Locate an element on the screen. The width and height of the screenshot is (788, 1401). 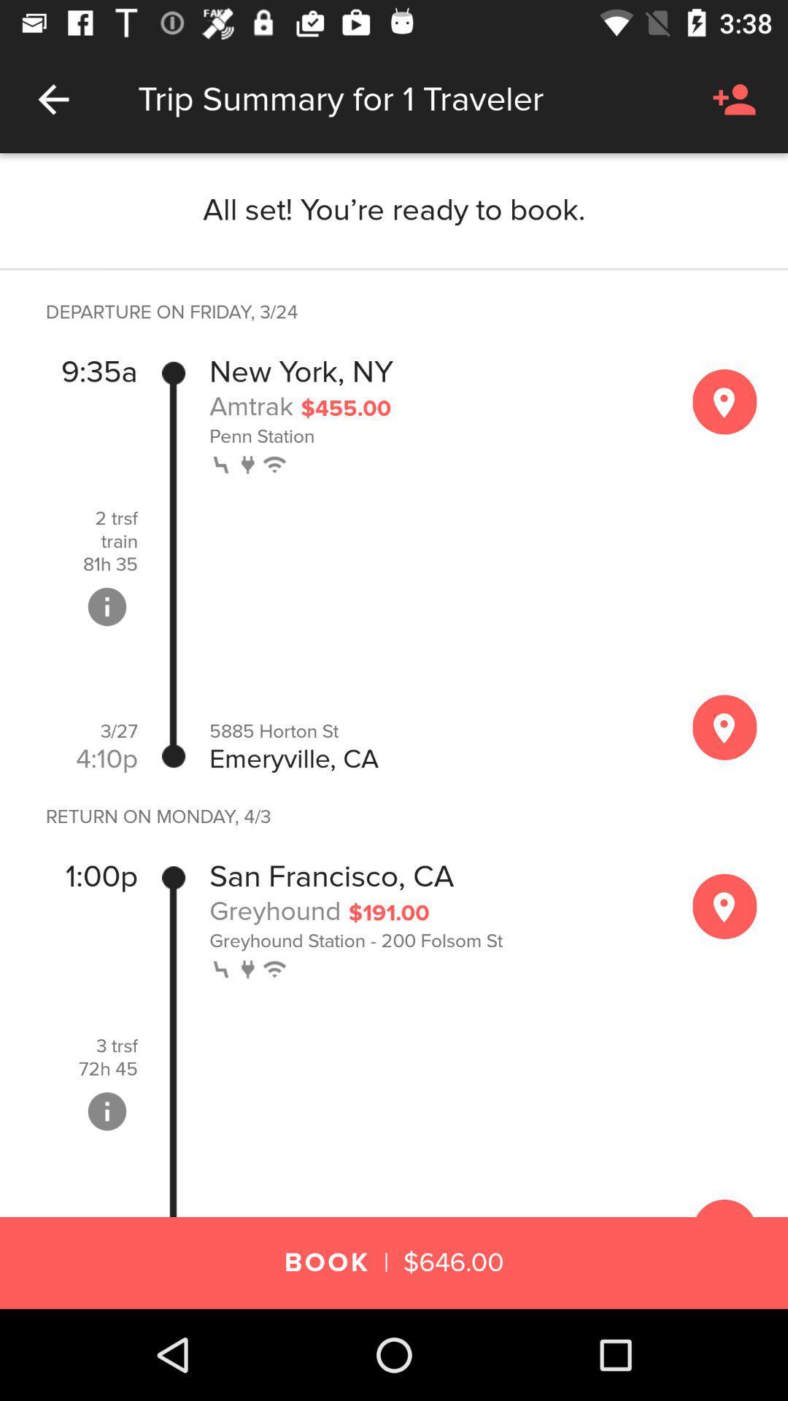
map is located at coordinates (725, 401).